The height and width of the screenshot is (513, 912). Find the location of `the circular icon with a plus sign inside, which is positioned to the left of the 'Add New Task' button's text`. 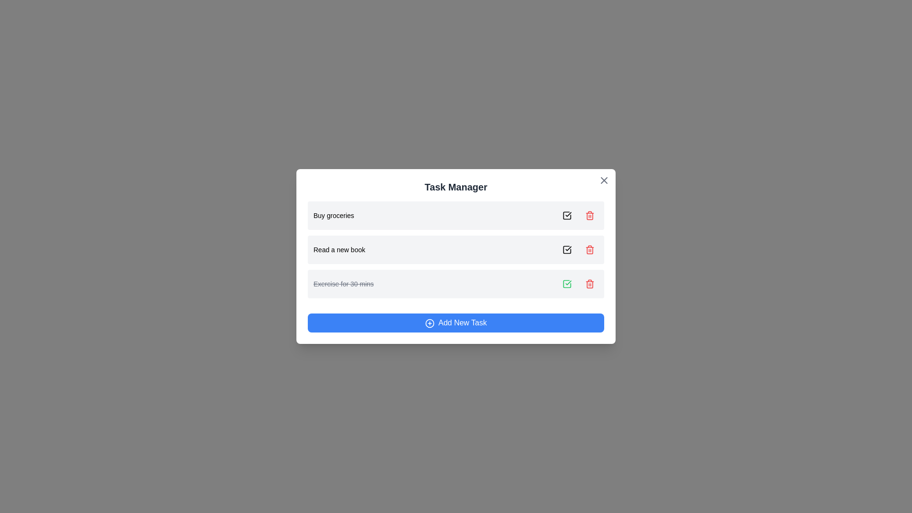

the circular icon with a plus sign inside, which is positioned to the left of the 'Add New Task' button's text is located at coordinates (429, 322).